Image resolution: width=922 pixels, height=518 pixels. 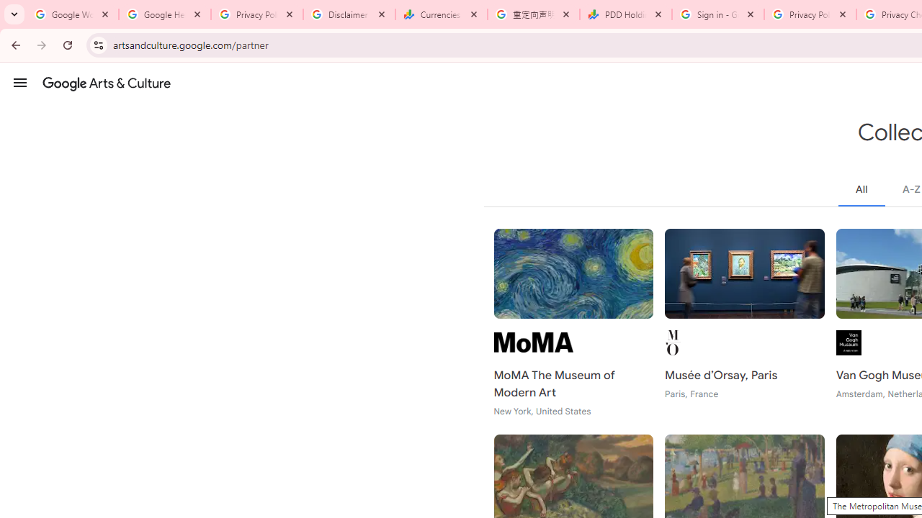 What do you see at coordinates (20, 82) in the screenshot?
I see `'Menu'` at bounding box center [20, 82].